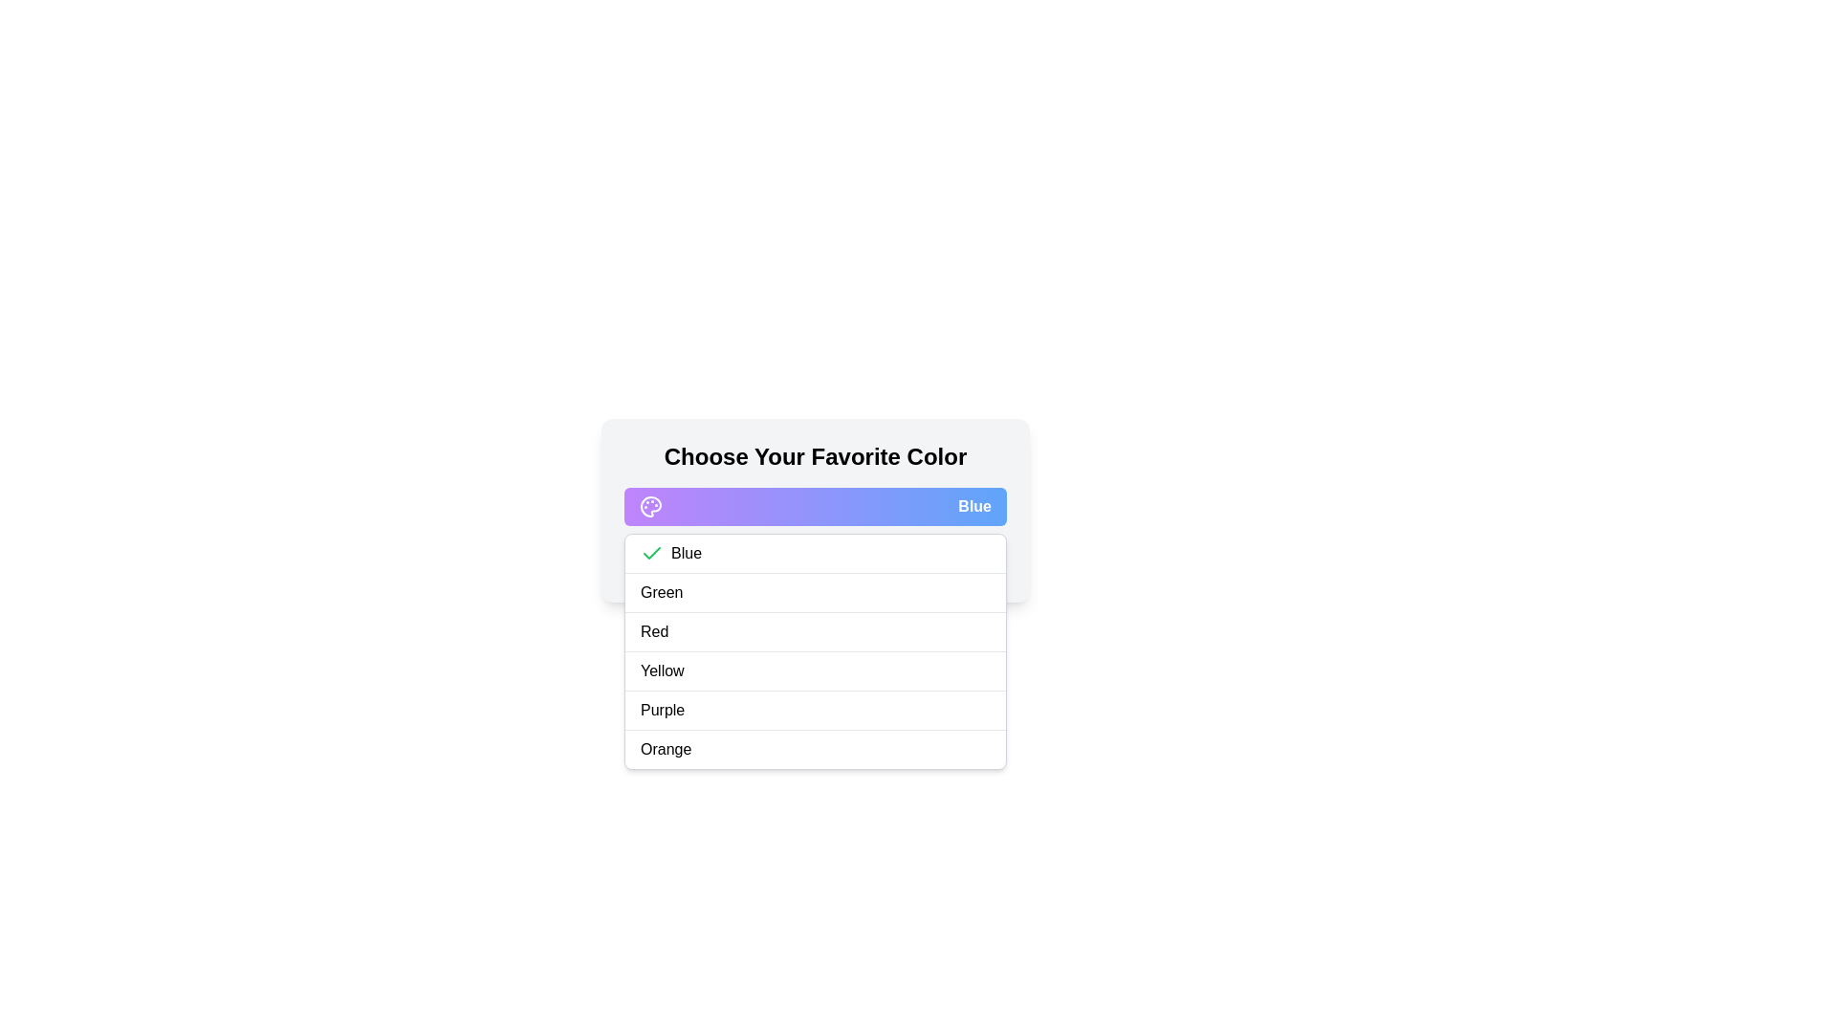 This screenshot has width=1836, height=1033. Describe the element at coordinates (651, 553) in the screenshot. I see `the visual indicator icon confirming the selection of the 'Blue' option, located at the leftmost side of the group, within the same line as the text 'Blue'` at that location.